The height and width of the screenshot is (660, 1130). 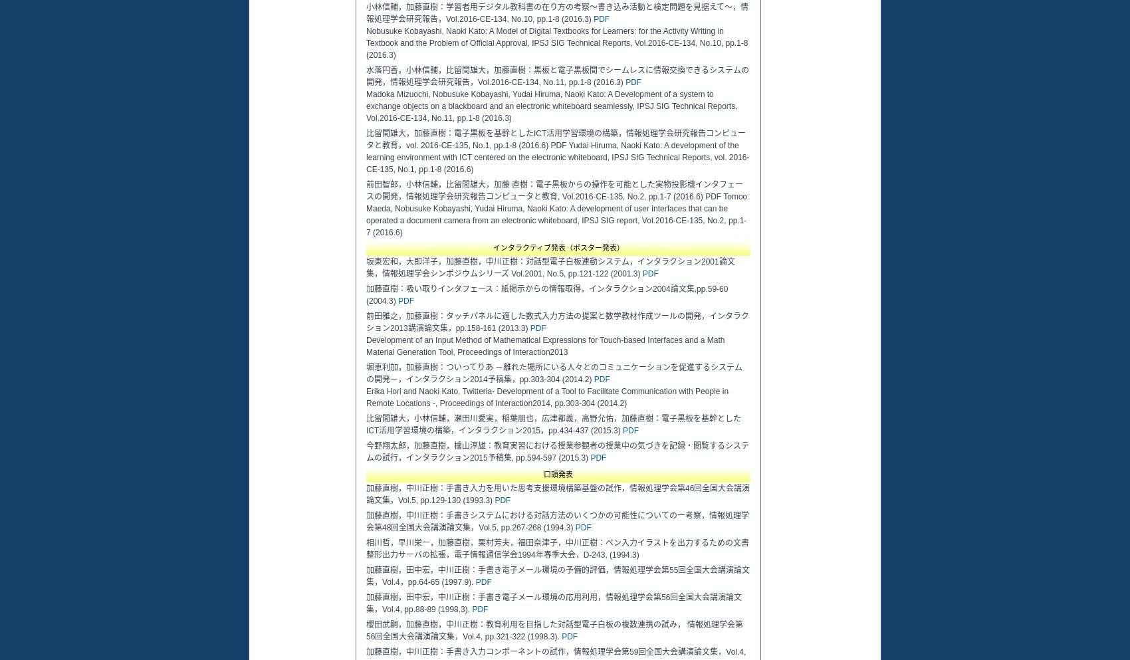 I want to click on 'Development of an Input Method of Mathematical Expressions for Touch-based Interfaces and a Math Material Generation Tool, Proceedings of Interaction2013', so click(x=544, y=346).